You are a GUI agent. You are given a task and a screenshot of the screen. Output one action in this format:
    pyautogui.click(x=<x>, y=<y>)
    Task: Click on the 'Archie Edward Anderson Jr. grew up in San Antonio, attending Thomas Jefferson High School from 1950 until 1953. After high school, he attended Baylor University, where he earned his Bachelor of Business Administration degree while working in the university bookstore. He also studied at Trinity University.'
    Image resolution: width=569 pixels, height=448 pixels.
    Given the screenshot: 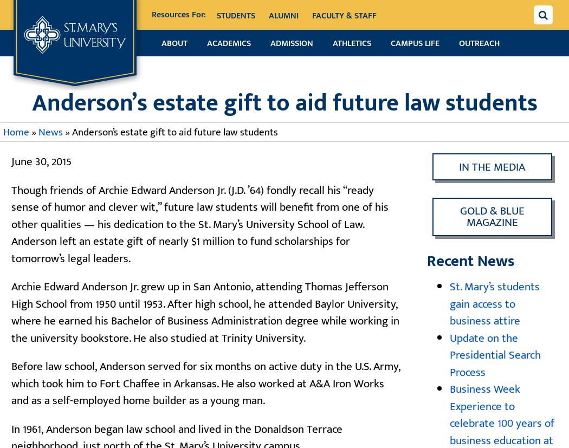 What is the action you would take?
    pyautogui.click(x=205, y=312)
    